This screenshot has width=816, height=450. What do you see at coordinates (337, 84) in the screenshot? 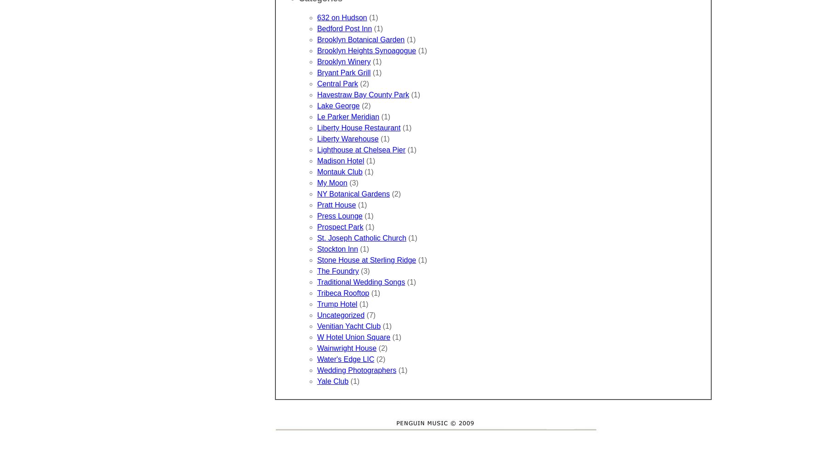
I see `'Central Park'` at bounding box center [337, 84].